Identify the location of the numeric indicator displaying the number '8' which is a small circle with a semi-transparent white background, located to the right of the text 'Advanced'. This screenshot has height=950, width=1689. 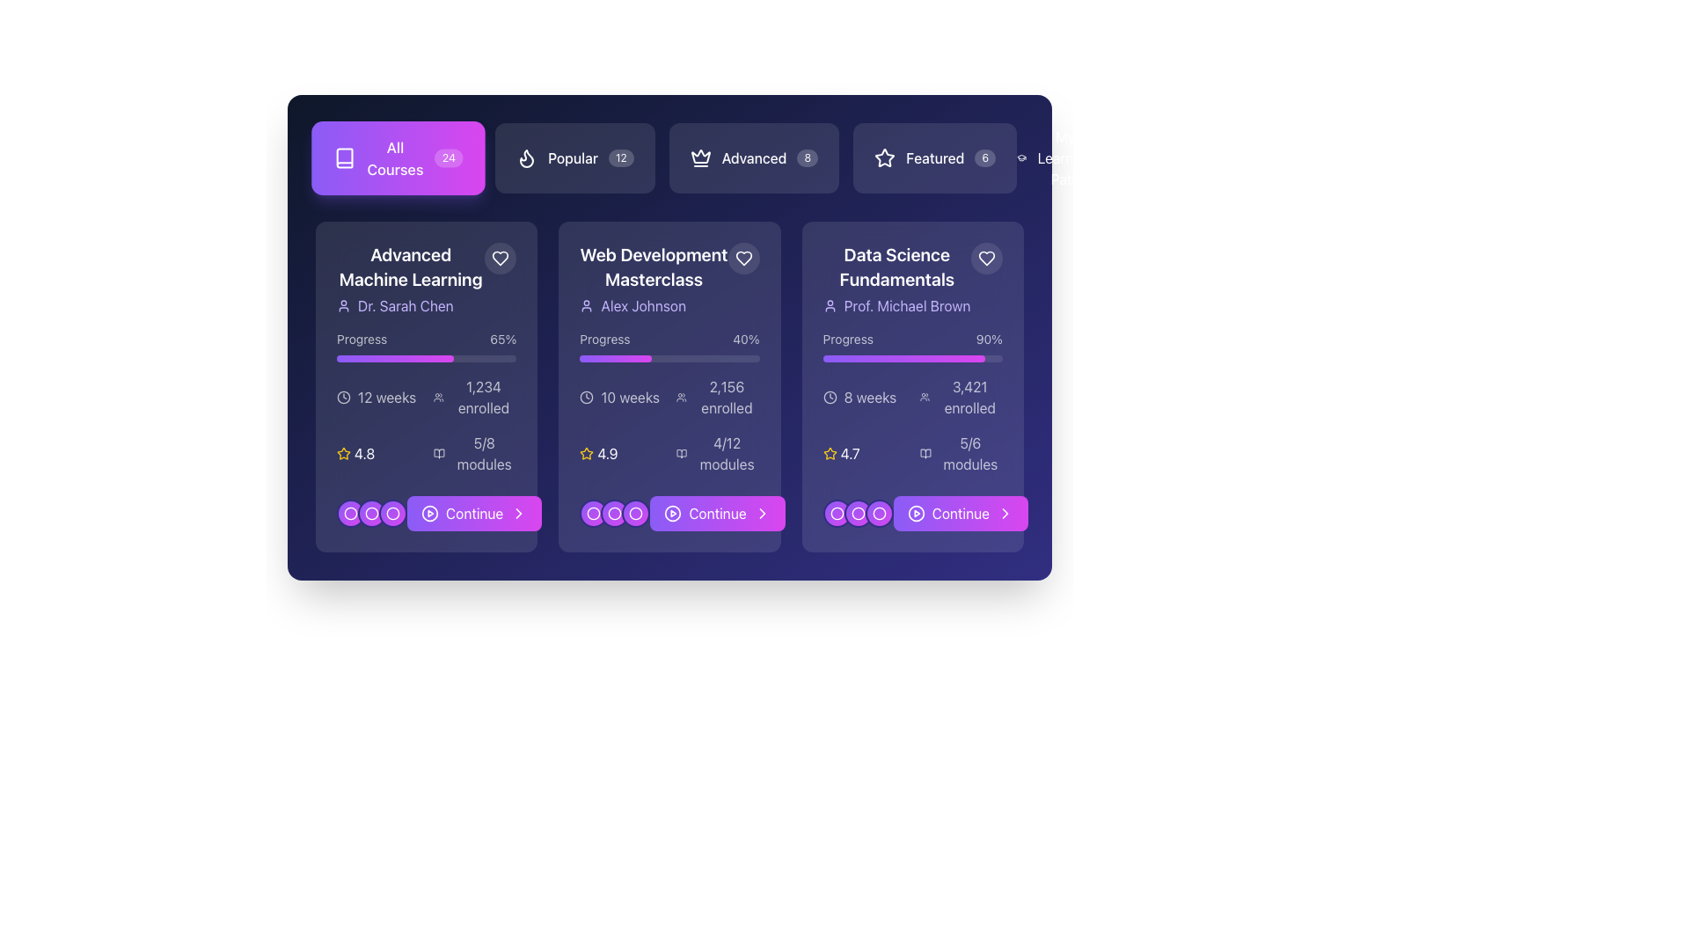
(807, 158).